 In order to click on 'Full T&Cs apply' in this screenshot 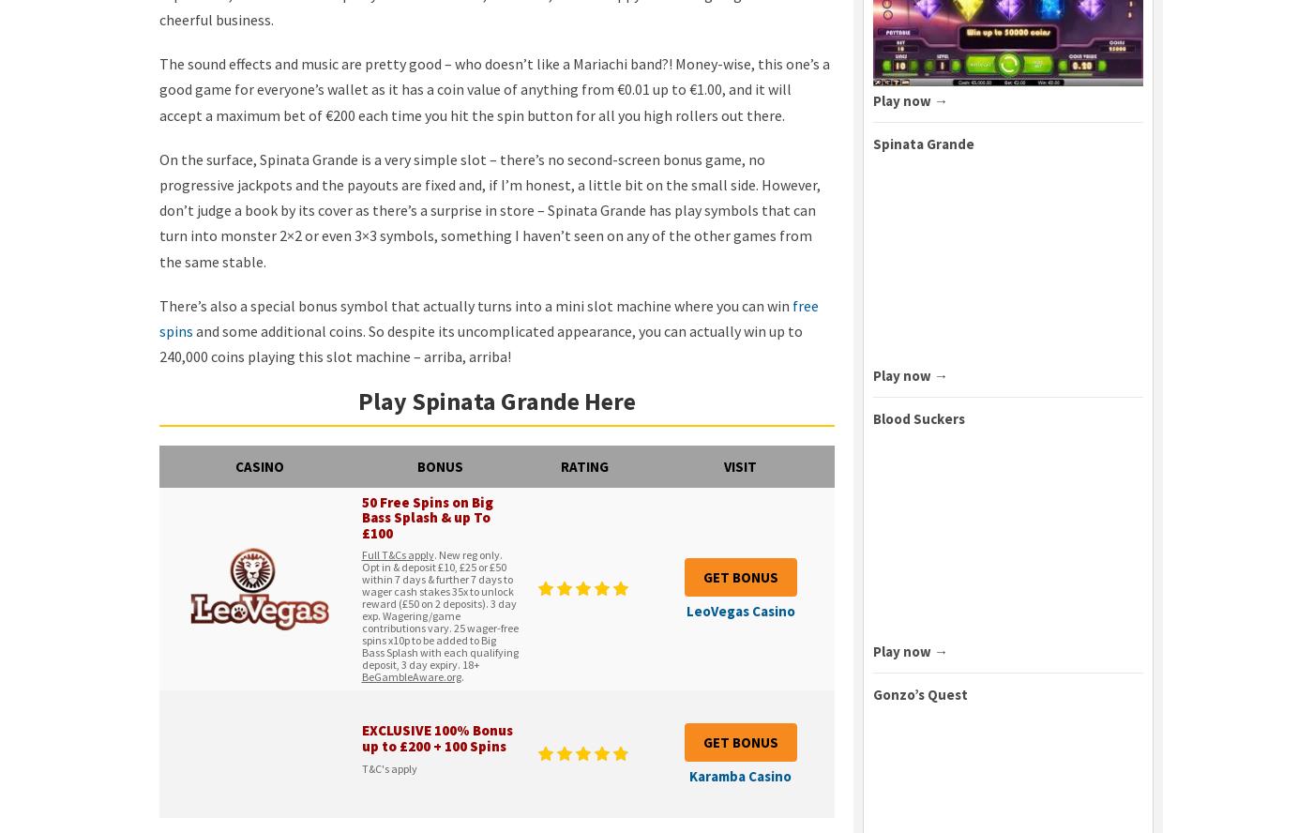, I will do `click(397, 554)`.